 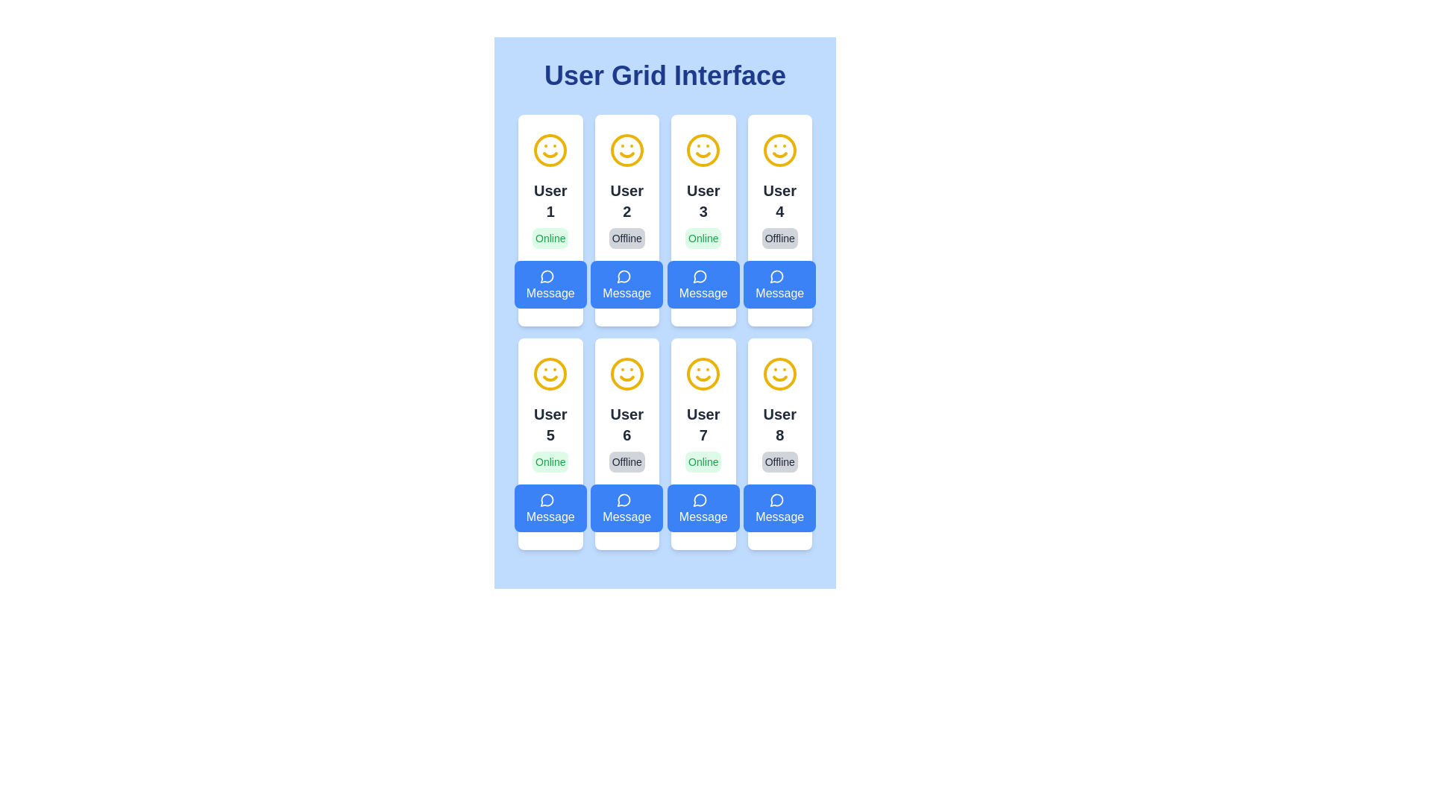 What do you see at coordinates (703, 425) in the screenshot?
I see `the text label that displays 'User 7', located within the card above the 'Online' status indicator and below the user's icon` at bounding box center [703, 425].